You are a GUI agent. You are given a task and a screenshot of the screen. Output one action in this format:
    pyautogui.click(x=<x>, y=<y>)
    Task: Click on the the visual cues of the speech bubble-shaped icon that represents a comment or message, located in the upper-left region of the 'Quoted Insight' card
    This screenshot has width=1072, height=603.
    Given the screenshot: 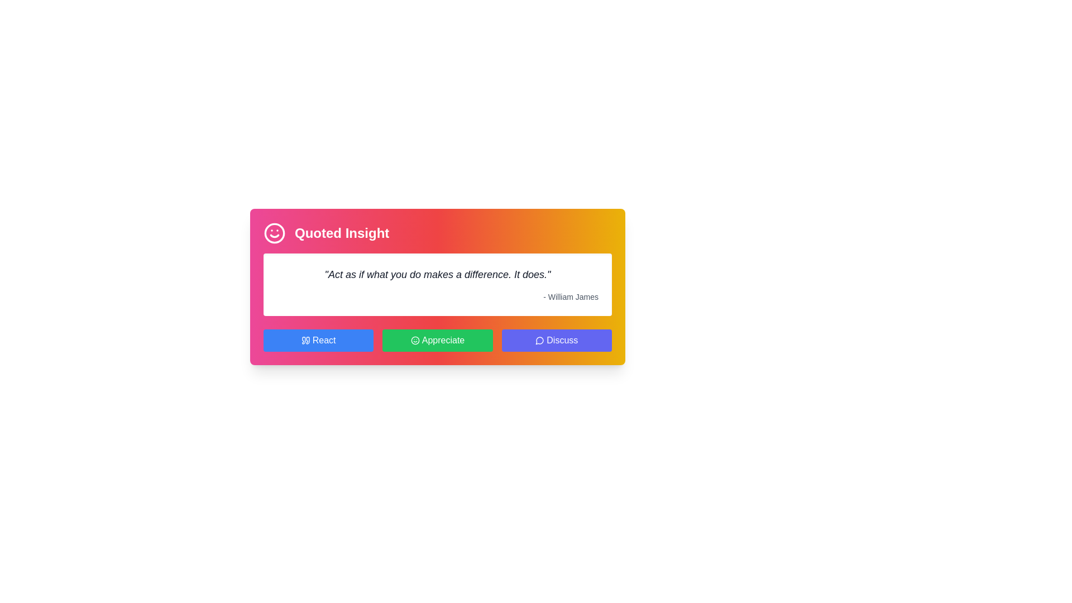 What is the action you would take?
    pyautogui.click(x=539, y=340)
    